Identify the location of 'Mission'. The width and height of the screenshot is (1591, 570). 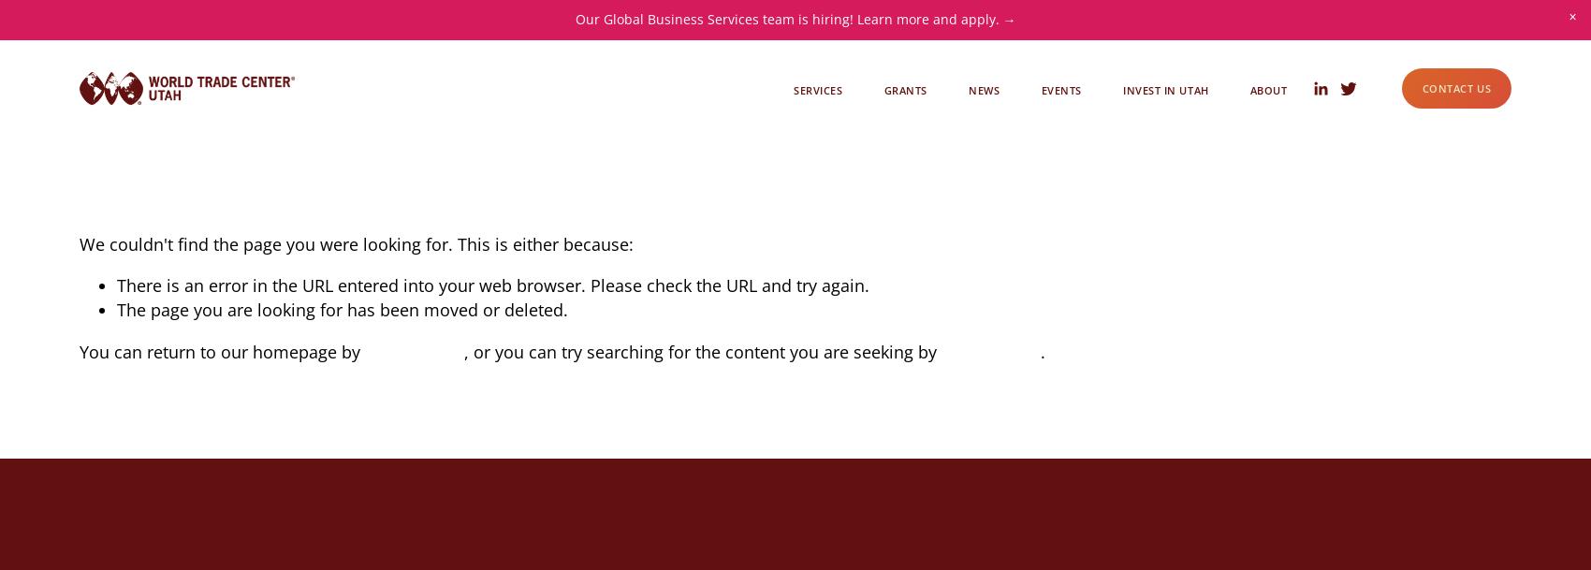
(1263, 112).